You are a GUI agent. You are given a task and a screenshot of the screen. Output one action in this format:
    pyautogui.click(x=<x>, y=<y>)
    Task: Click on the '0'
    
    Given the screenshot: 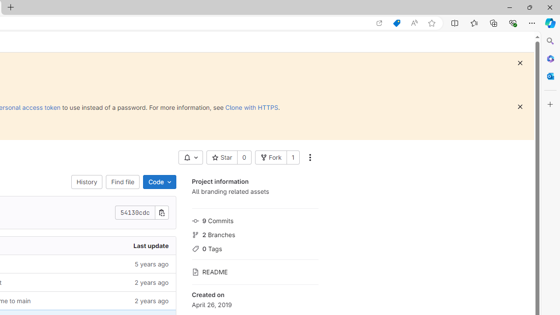 What is the action you would take?
    pyautogui.click(x=244, y=157)
    